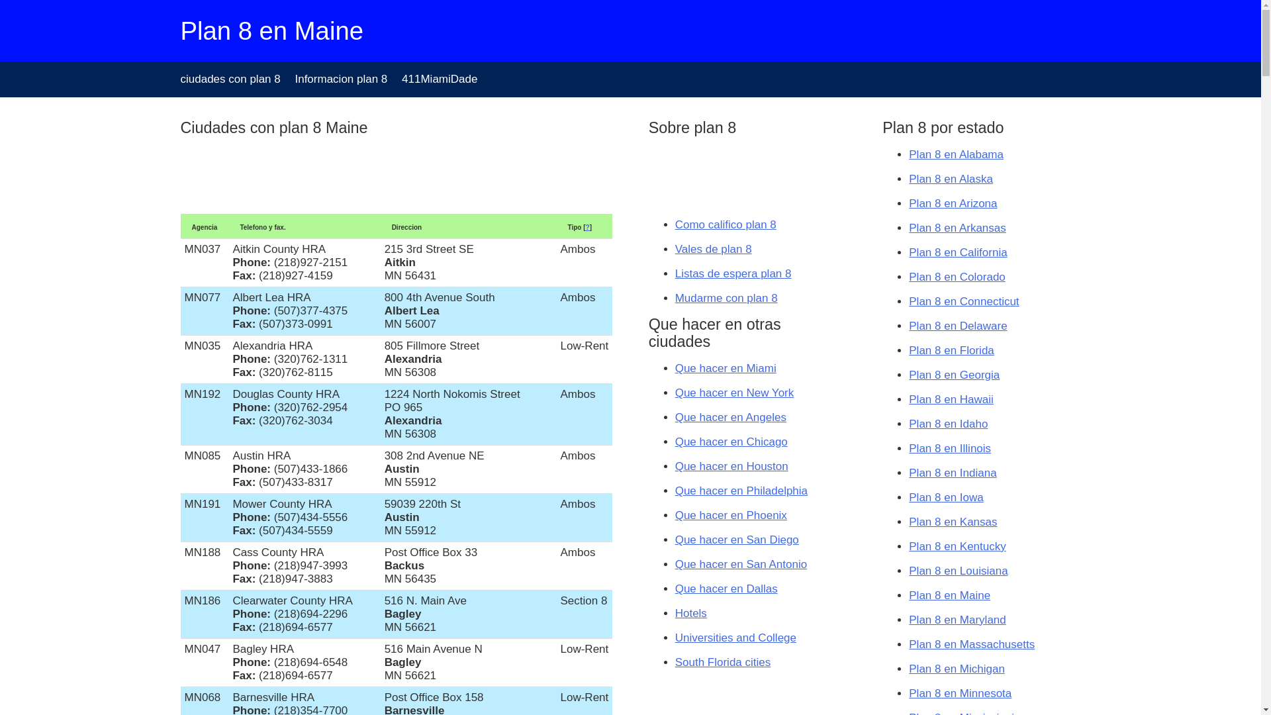 The image size is (1271, 715). What do you see at coordinates (726, 298) in the screenshot?
I see `'Mudarme con plan 8'` at bounding box center [726, 298].